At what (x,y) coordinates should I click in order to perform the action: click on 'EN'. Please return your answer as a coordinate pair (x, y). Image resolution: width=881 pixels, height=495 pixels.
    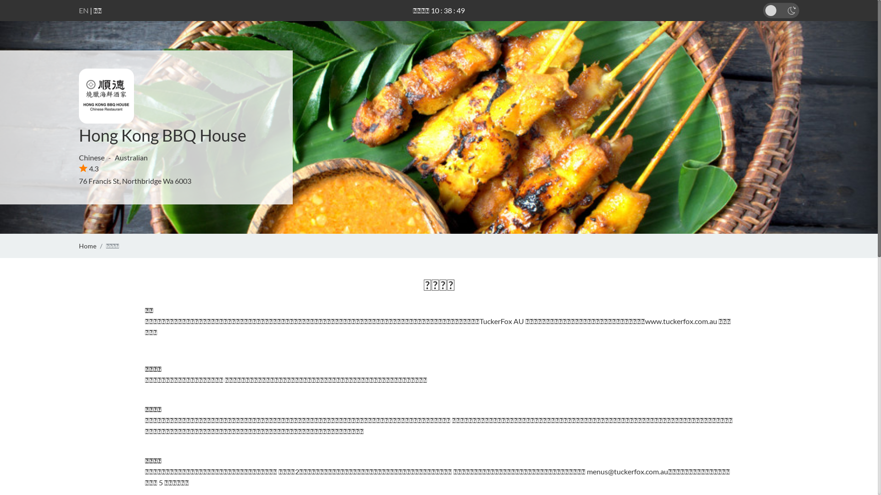
    Looking at the image, I should click on (79, 10).